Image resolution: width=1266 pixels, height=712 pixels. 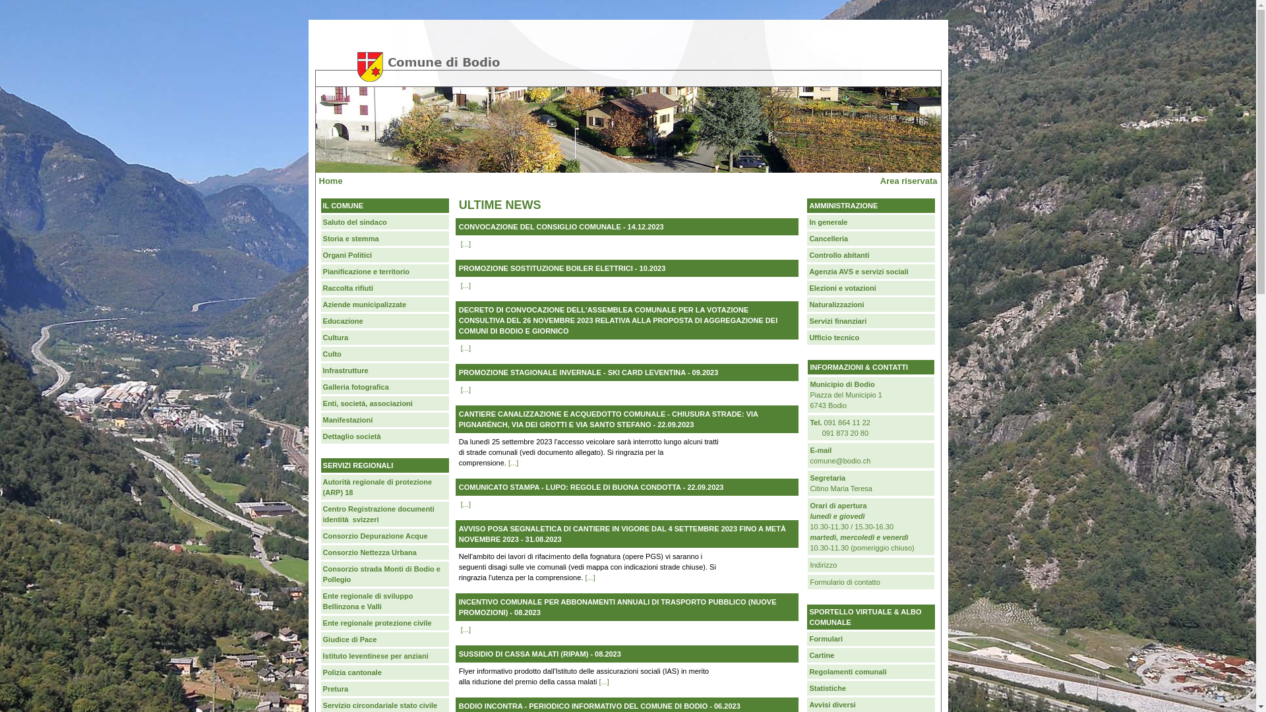 What do you see at coordinates (322, 271) in the screenshot?
I see `'Pianificazione e territorio'` at bounding box center [322, 271].